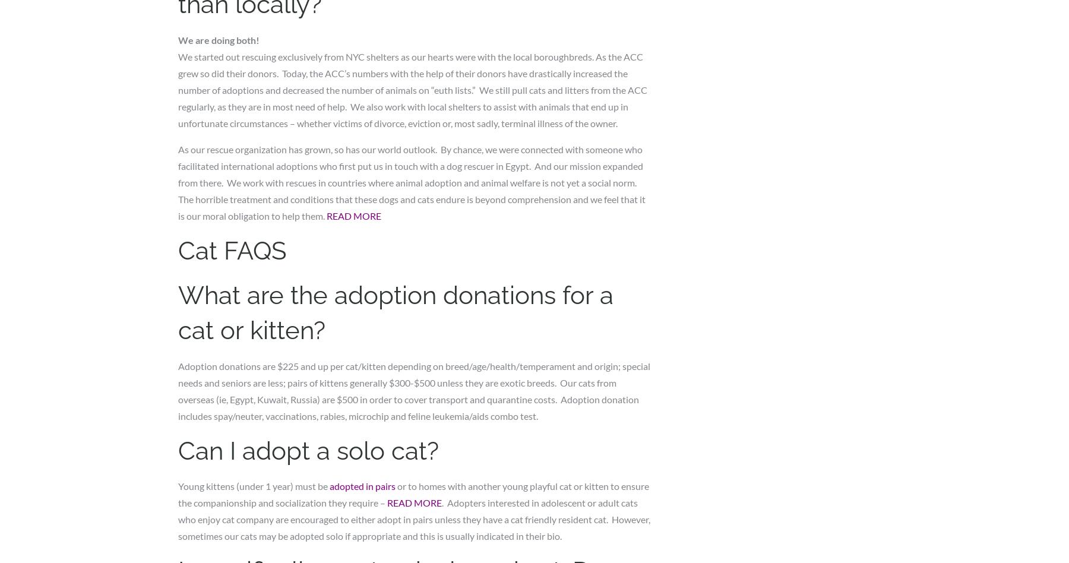 Image resolution: width=1069 pixels, height=563 pixels. What do you see at coordinates (178, 250) in the screenshot?
I see `'Cat FAQS'` at bounding box center [178, 250].